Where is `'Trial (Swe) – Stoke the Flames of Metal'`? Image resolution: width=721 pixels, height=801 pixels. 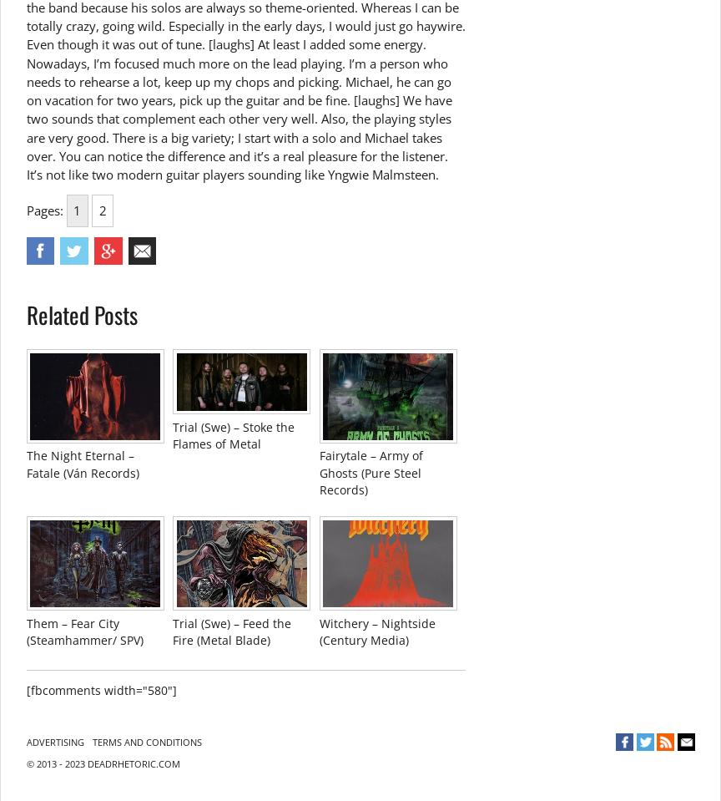 'Trial (Swe) – Stoke the Flames of Metal' is located at coordinates (234, 435).